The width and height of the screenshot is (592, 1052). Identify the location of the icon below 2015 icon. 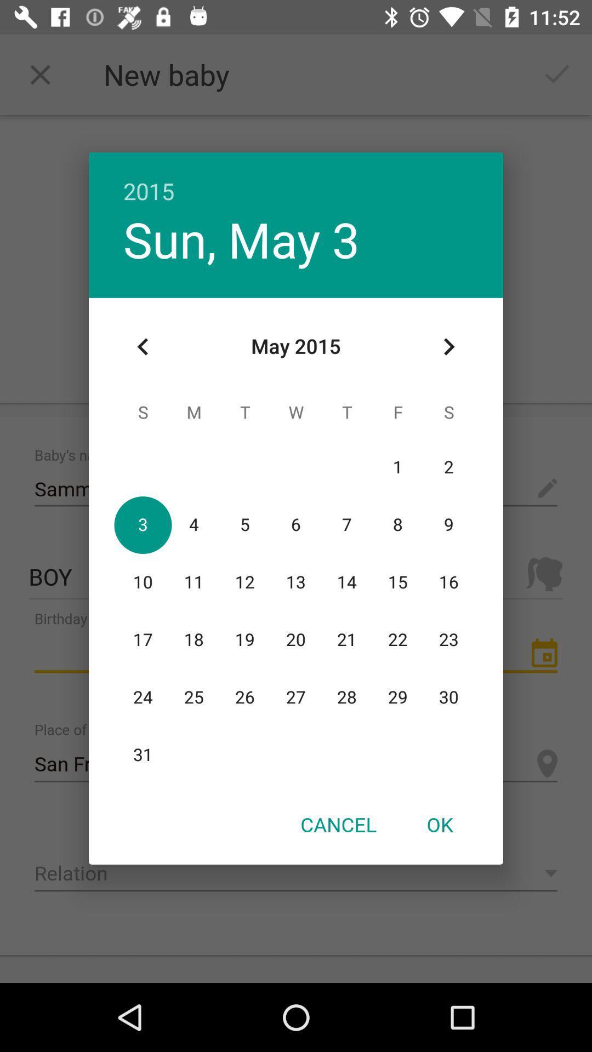
(241, 238).